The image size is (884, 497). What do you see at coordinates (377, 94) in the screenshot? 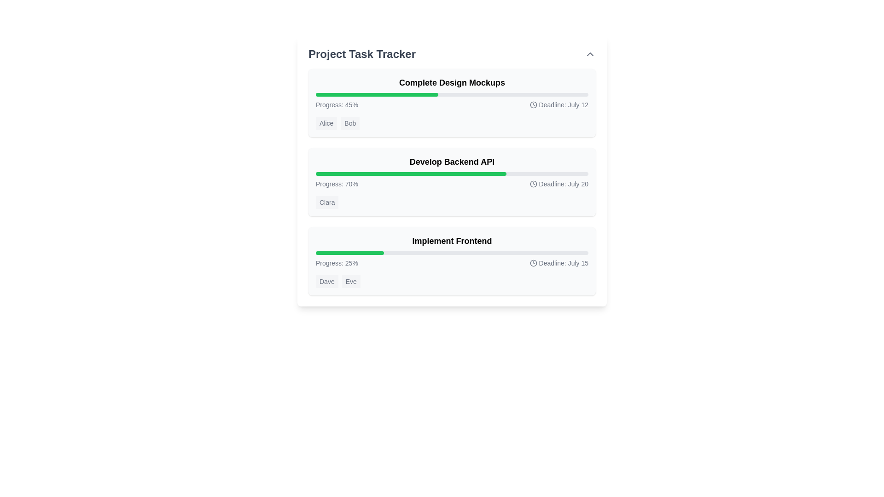
I see `the green progress bar within the 'Complete Design Mockups' task block, which is positioned atop the task details` at bounding box center [377, 94].